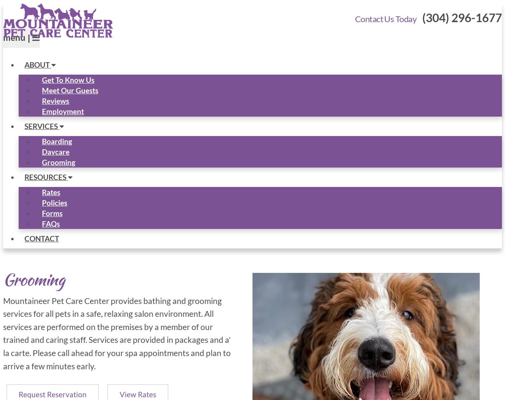 This screenshot has height=400, width=505. What do you see at coordinates (462, 17) in the screenshot?
I see `'(304) 296-1677'` at bounding box center [462, 17].